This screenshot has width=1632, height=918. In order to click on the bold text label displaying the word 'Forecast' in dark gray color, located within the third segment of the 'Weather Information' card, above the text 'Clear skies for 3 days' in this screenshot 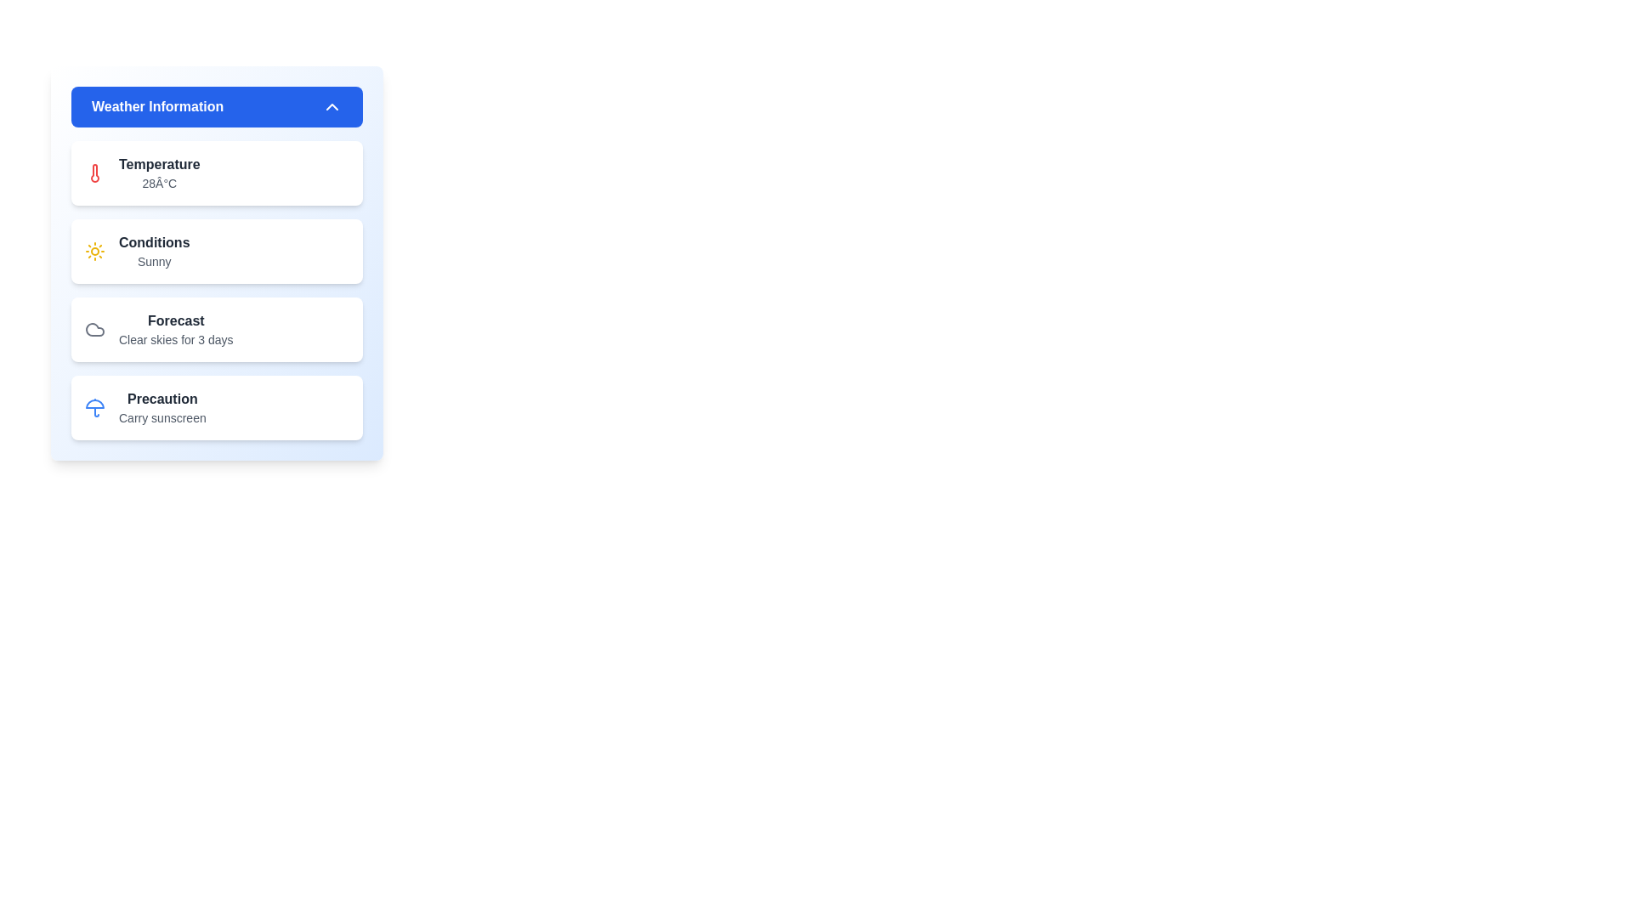, I will do `click(176, 321)`.